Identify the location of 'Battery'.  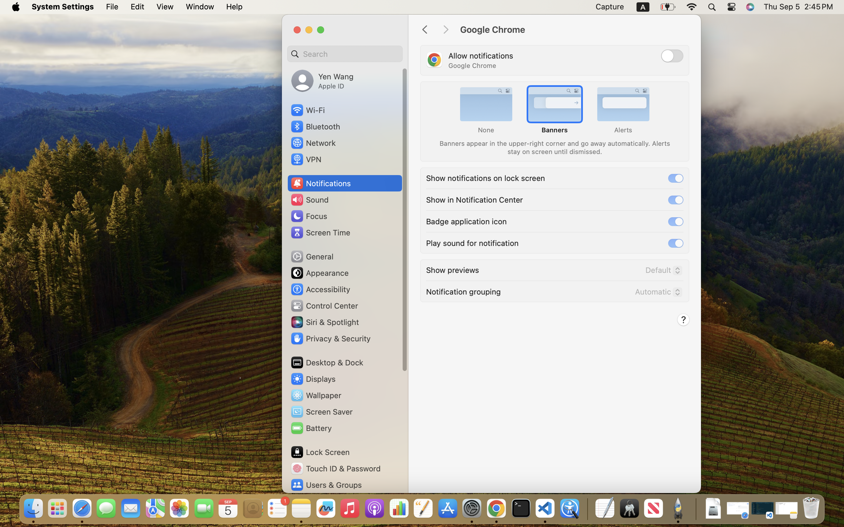
(310, 427).